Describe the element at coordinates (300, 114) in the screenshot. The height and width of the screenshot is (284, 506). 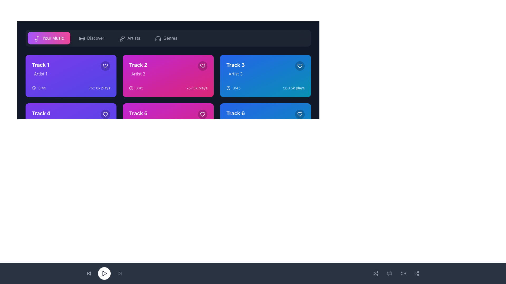
I see `the favorite icon located at the top-right corner of the 'Track 6' card` at that location.